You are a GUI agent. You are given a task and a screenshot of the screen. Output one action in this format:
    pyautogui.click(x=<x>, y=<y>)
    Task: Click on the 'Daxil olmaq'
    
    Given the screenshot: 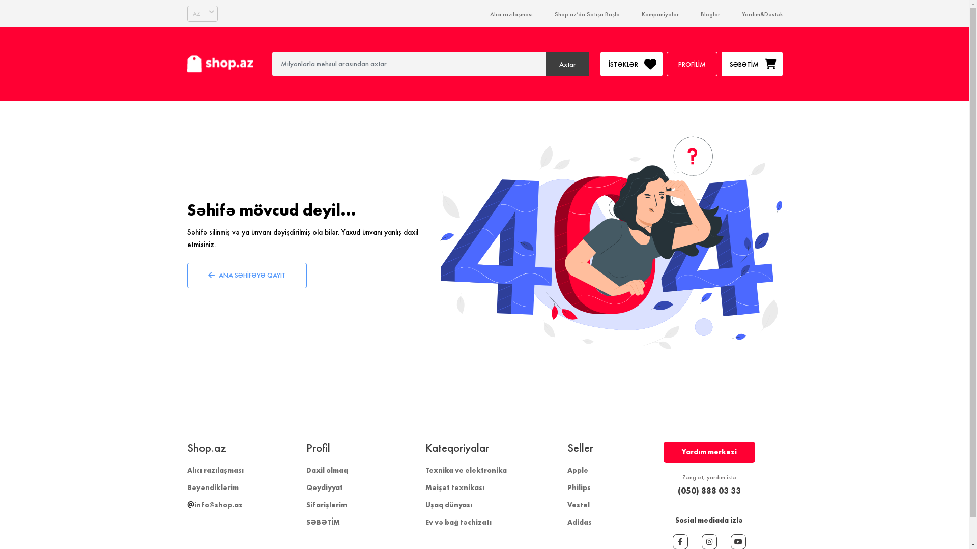 What is the action you would take?
    pyautogui.click(x=327, y=470)
    